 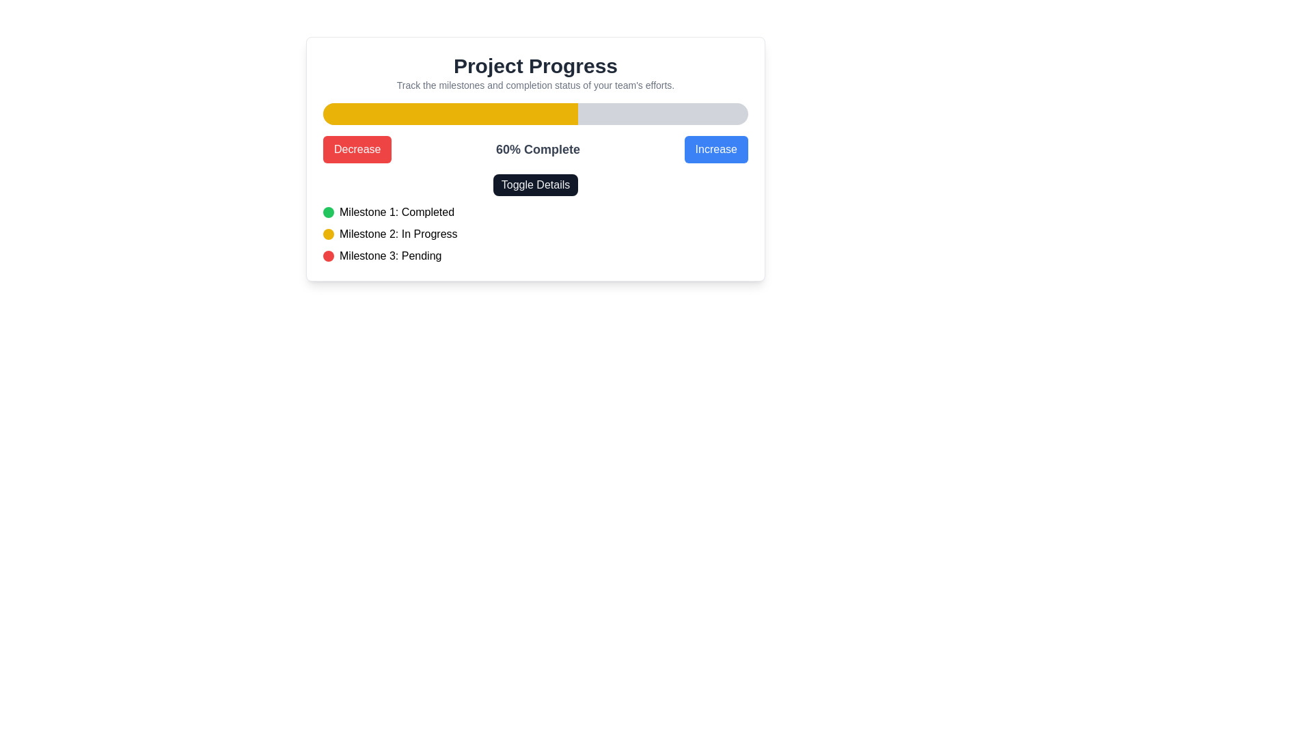 I want to click on heading text 'Project Progress' which is positioned at the top of the content area, serving as a title for the project progress section, so click(x=534, y=66).